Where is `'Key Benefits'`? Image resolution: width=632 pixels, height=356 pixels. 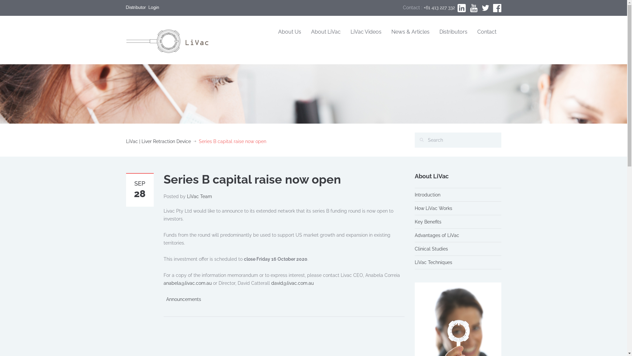 'Key Benefits' is located at coordinates (428, 222).